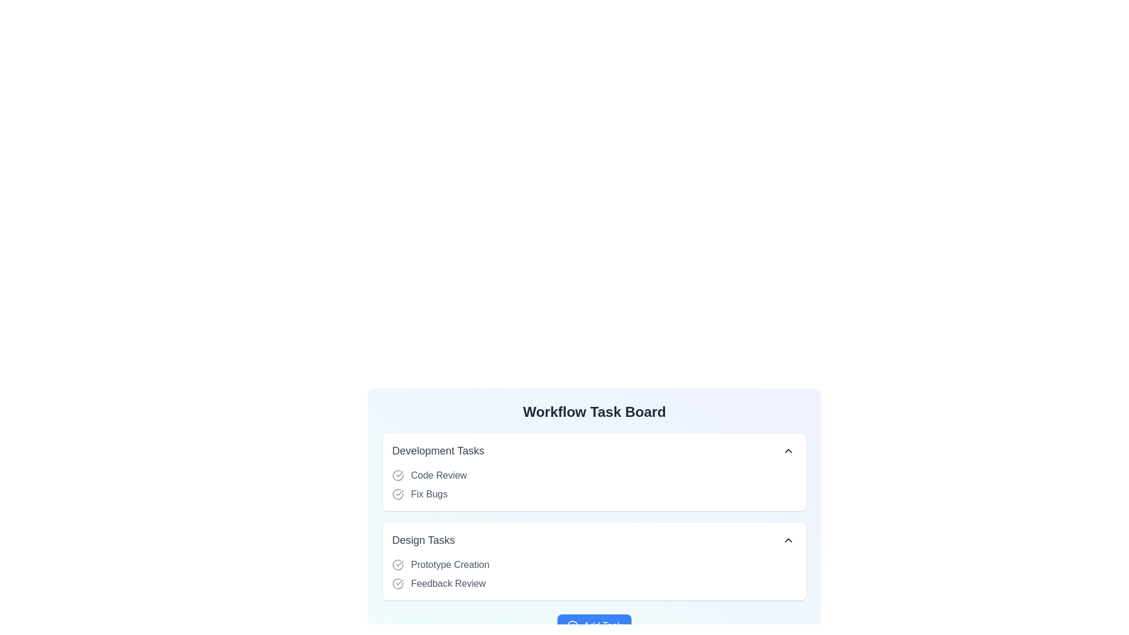 Image resolution: width=1129 pixels, height=635 pixels. Describe the element at coordinates (398, 564) in the screenshot. I see `the circular icon with a light-colored borderline and hollow center located to the left of the text 'Prototype Creation' in the 'Design Tasks' section` at that location.